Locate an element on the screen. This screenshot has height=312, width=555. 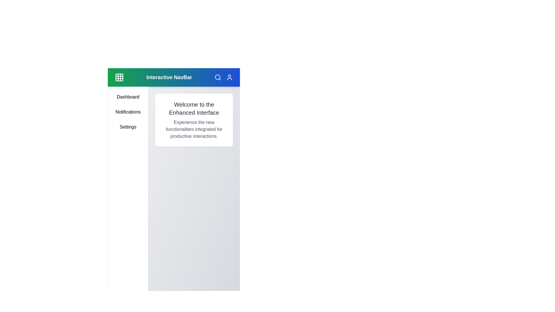
the search icon to initiate a search is located at coordinates (217, 77).